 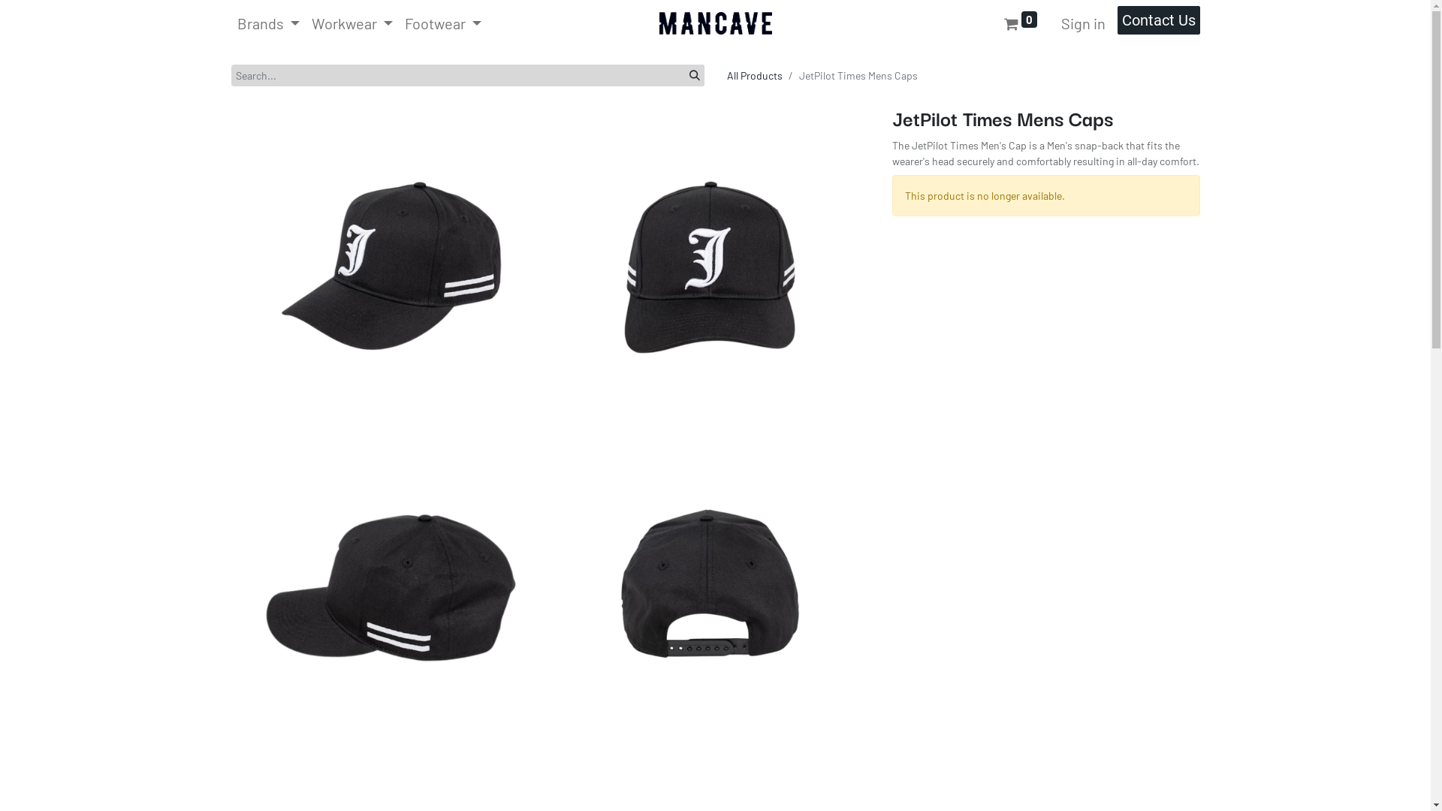 I want to click on 'Brands', so click(x=268, y=23).